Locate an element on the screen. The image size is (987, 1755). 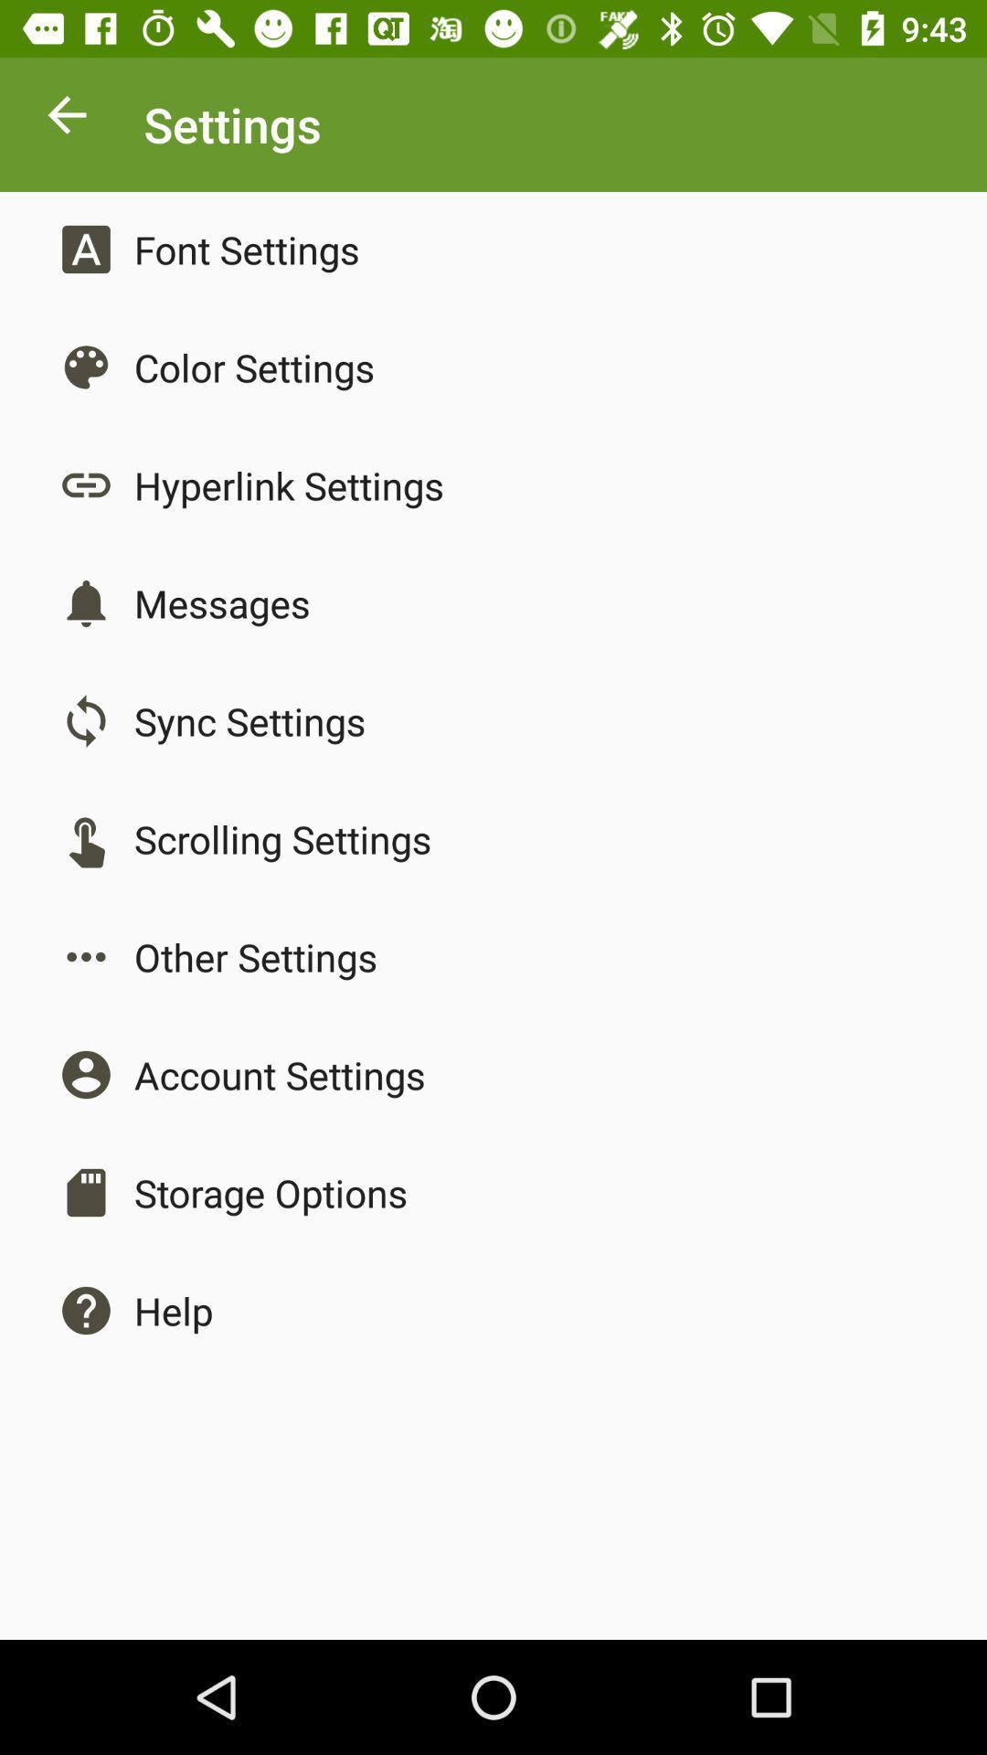
storage options icon is located at coordinates (271, 1193).